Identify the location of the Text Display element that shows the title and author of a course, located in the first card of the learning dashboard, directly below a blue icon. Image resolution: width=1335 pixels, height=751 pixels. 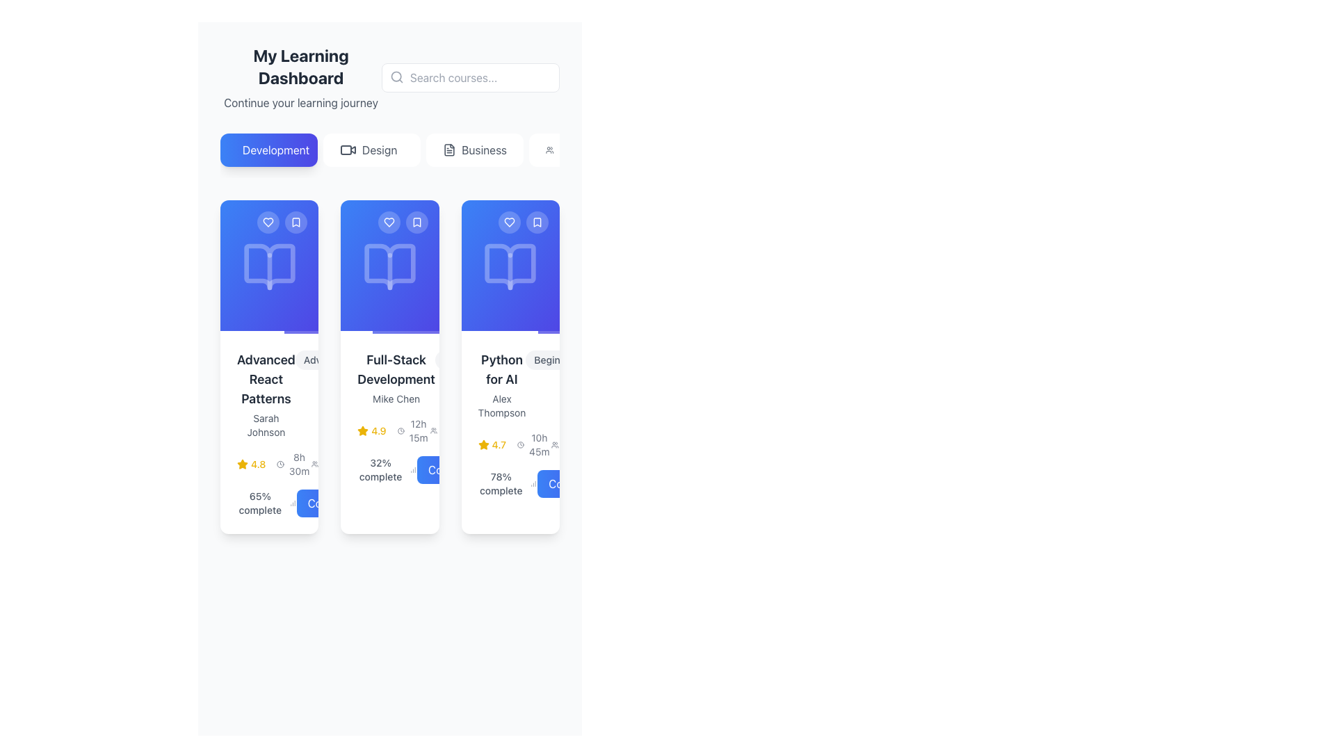
(266, 394).